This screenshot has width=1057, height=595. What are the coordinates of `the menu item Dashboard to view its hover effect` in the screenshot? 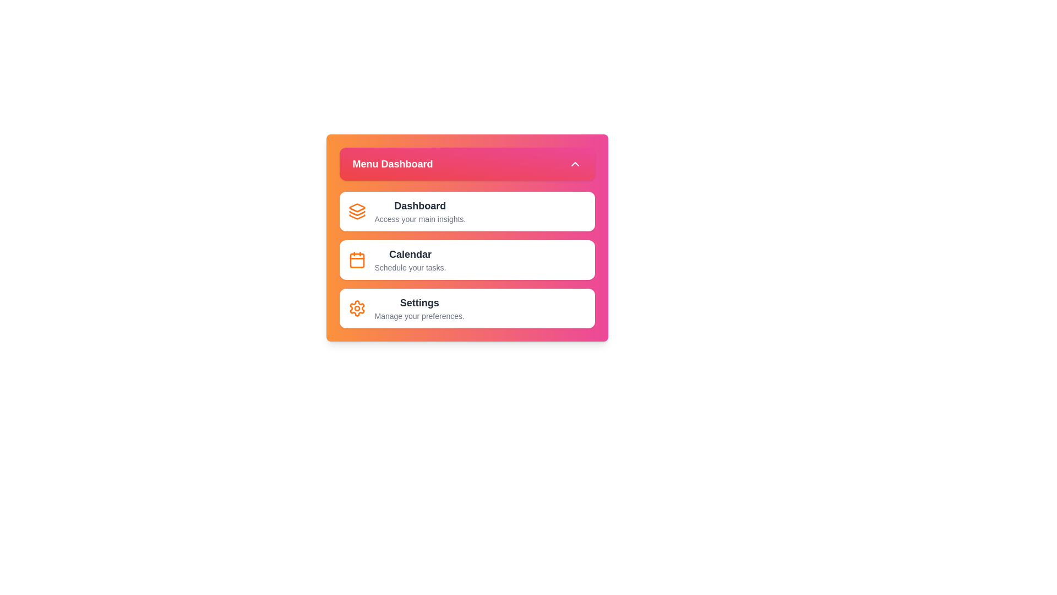 It's located at (467, 212).